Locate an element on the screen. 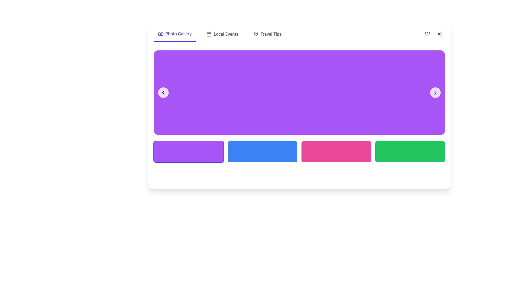  the navigation icon located on the left side of the highlighted content panel to trigger a hover effect is located at coordinates (163, 92).